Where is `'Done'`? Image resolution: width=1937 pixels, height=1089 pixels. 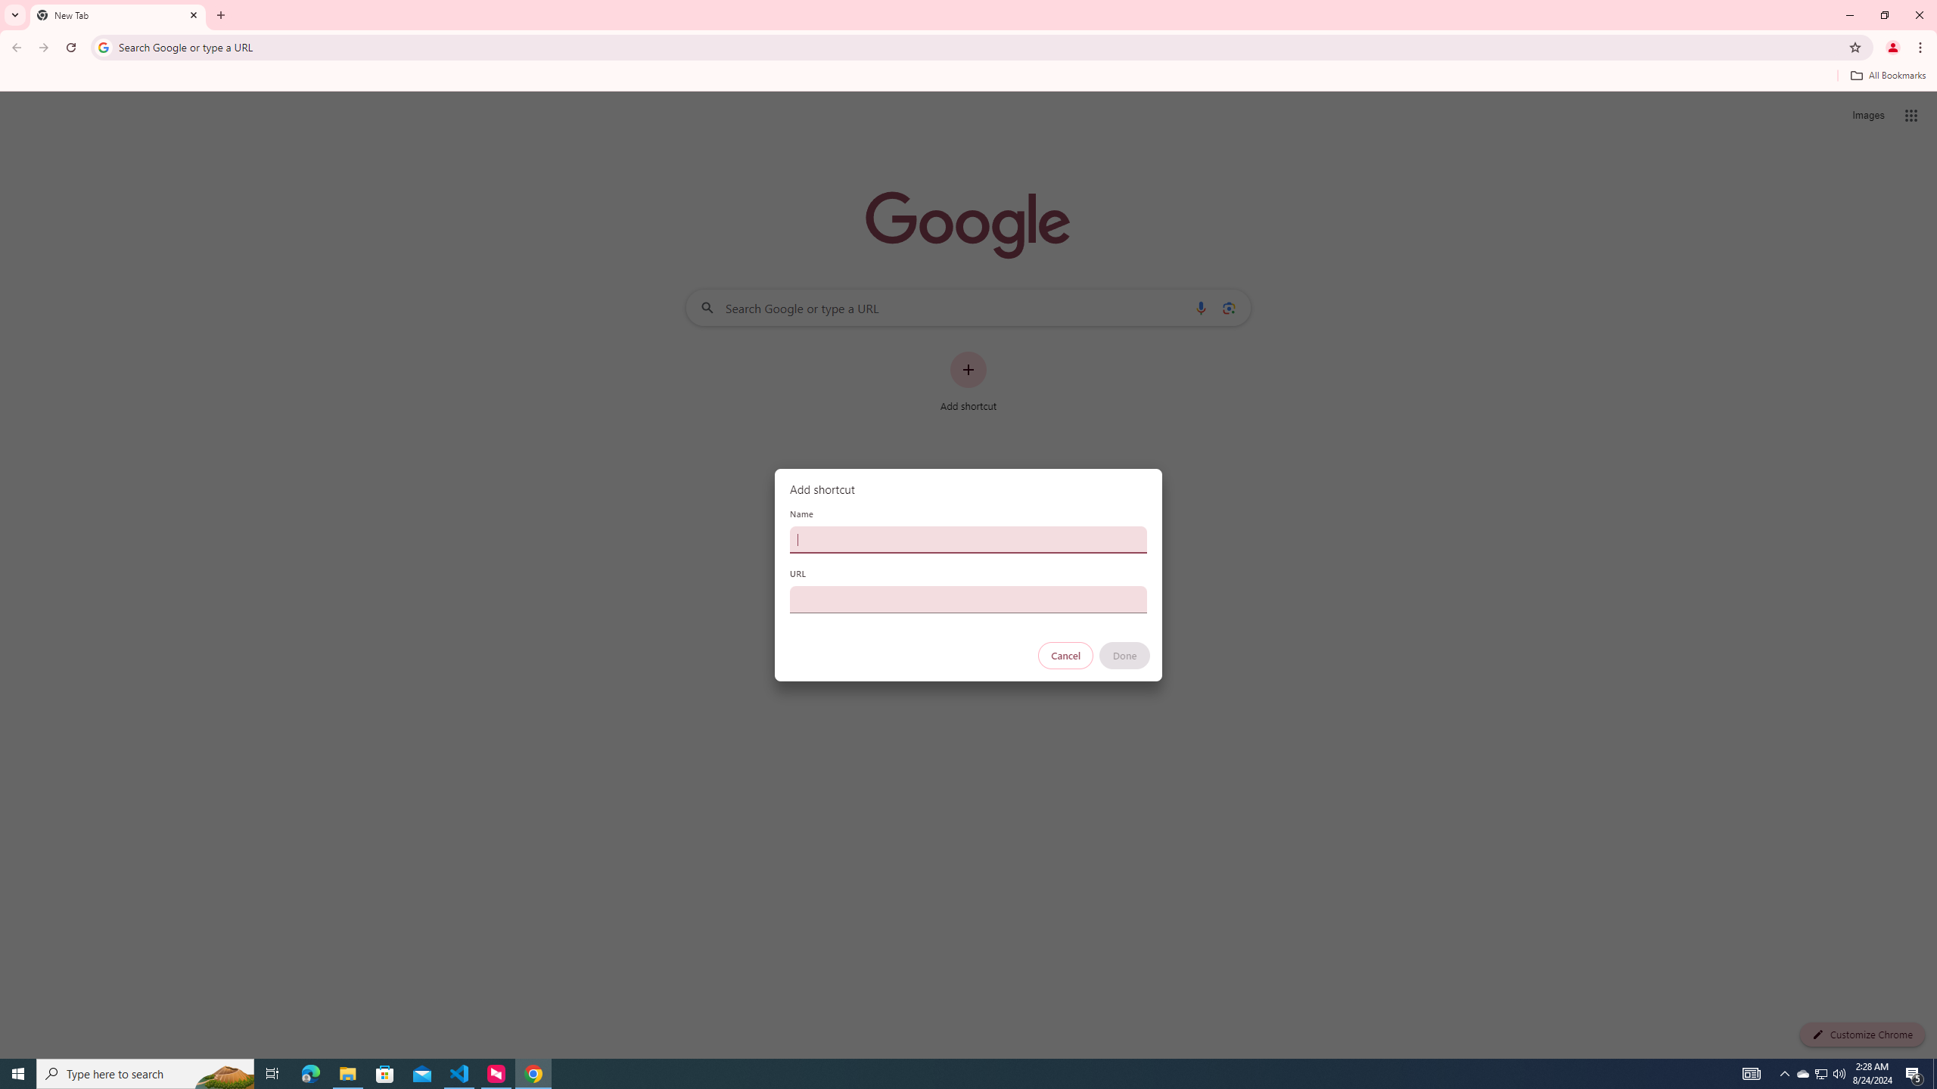 'Done' is located at coordinates (1125, 655).